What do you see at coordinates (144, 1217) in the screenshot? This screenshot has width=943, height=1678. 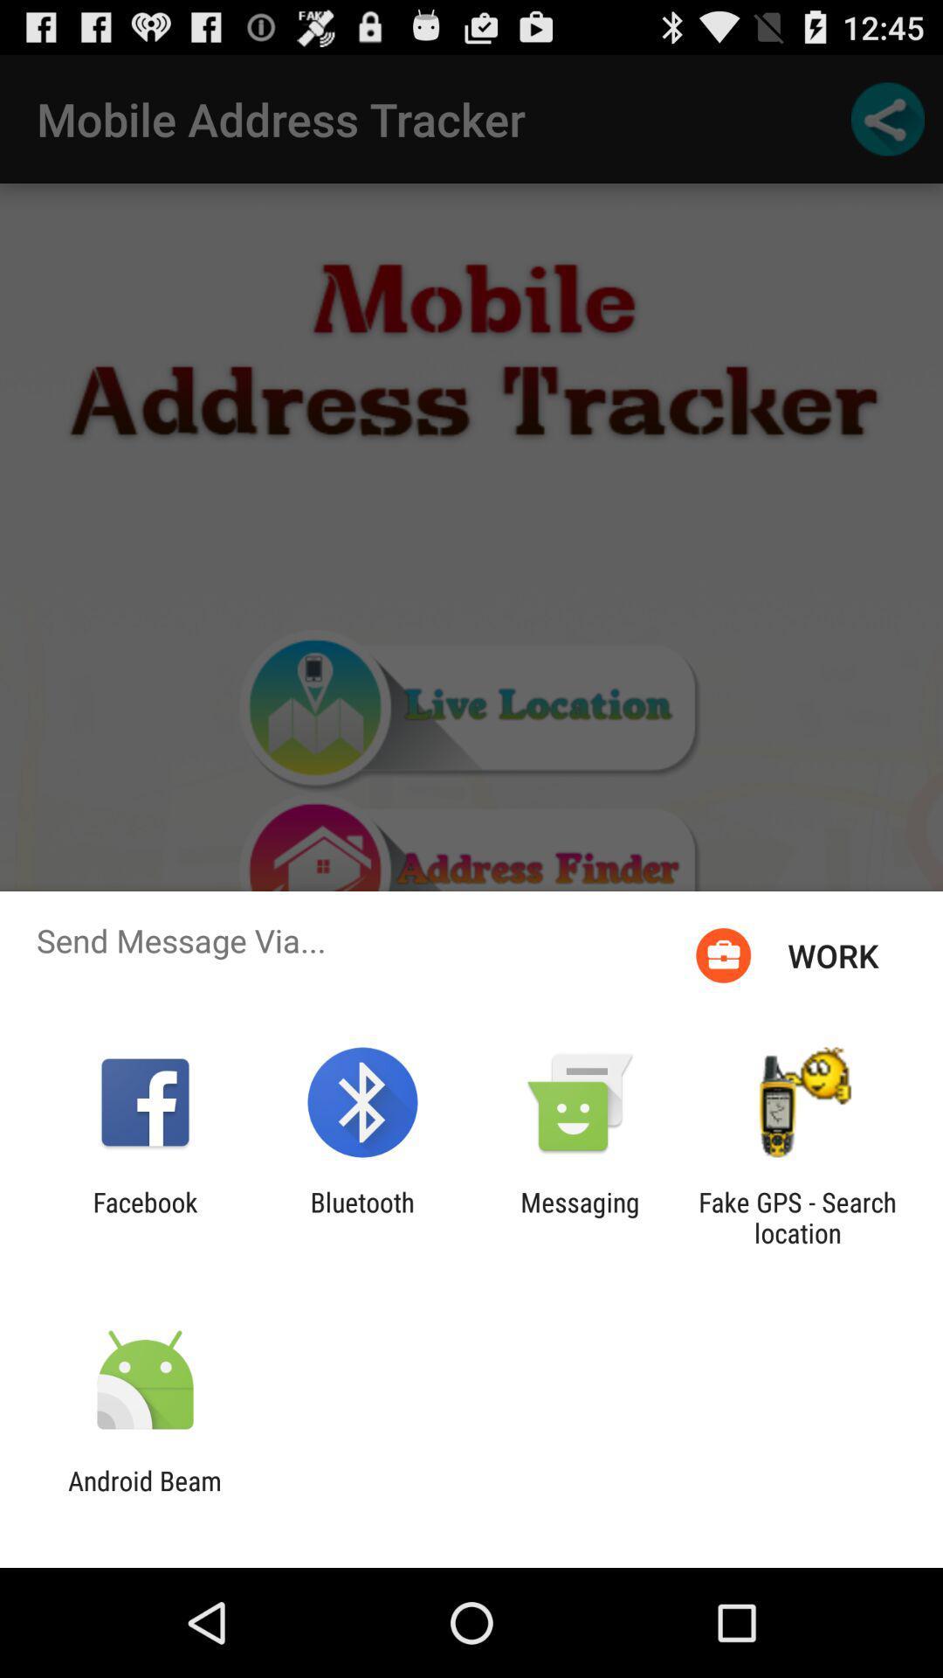 I see `app to the left of the bluetooth` at bounding box center [144, 1217].